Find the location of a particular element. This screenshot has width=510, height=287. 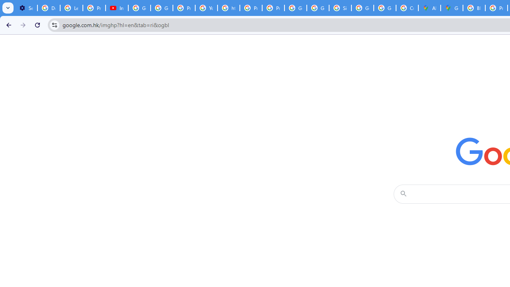

'YouTube' is located at coordinates (206, 8).